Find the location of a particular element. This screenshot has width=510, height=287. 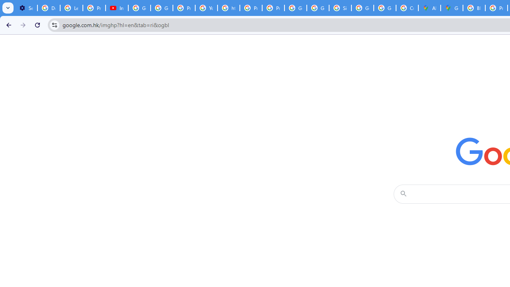

'YouTube' is located at coordinates (206, 8).